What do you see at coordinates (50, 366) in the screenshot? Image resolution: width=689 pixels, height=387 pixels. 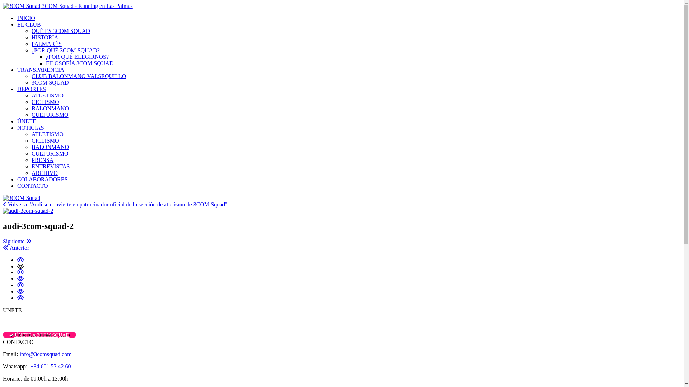 I see `'+34 601 53 42 60'` at bounding box center [50, 366].